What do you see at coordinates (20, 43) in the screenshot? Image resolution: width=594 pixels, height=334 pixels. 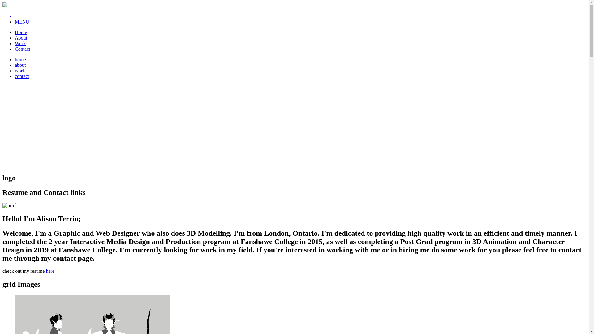 I see `'Work'` at bounding box center [20, 43].